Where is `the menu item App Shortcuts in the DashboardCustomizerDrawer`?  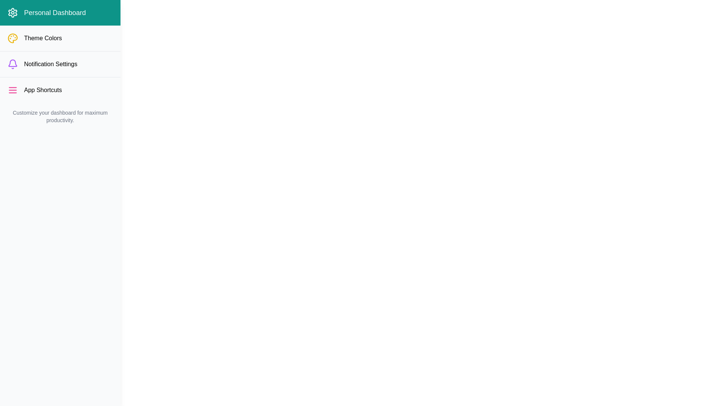
the menu item App Shortcuts in the DashboardCustomizerDrawer is located at coordinates (59, 89).